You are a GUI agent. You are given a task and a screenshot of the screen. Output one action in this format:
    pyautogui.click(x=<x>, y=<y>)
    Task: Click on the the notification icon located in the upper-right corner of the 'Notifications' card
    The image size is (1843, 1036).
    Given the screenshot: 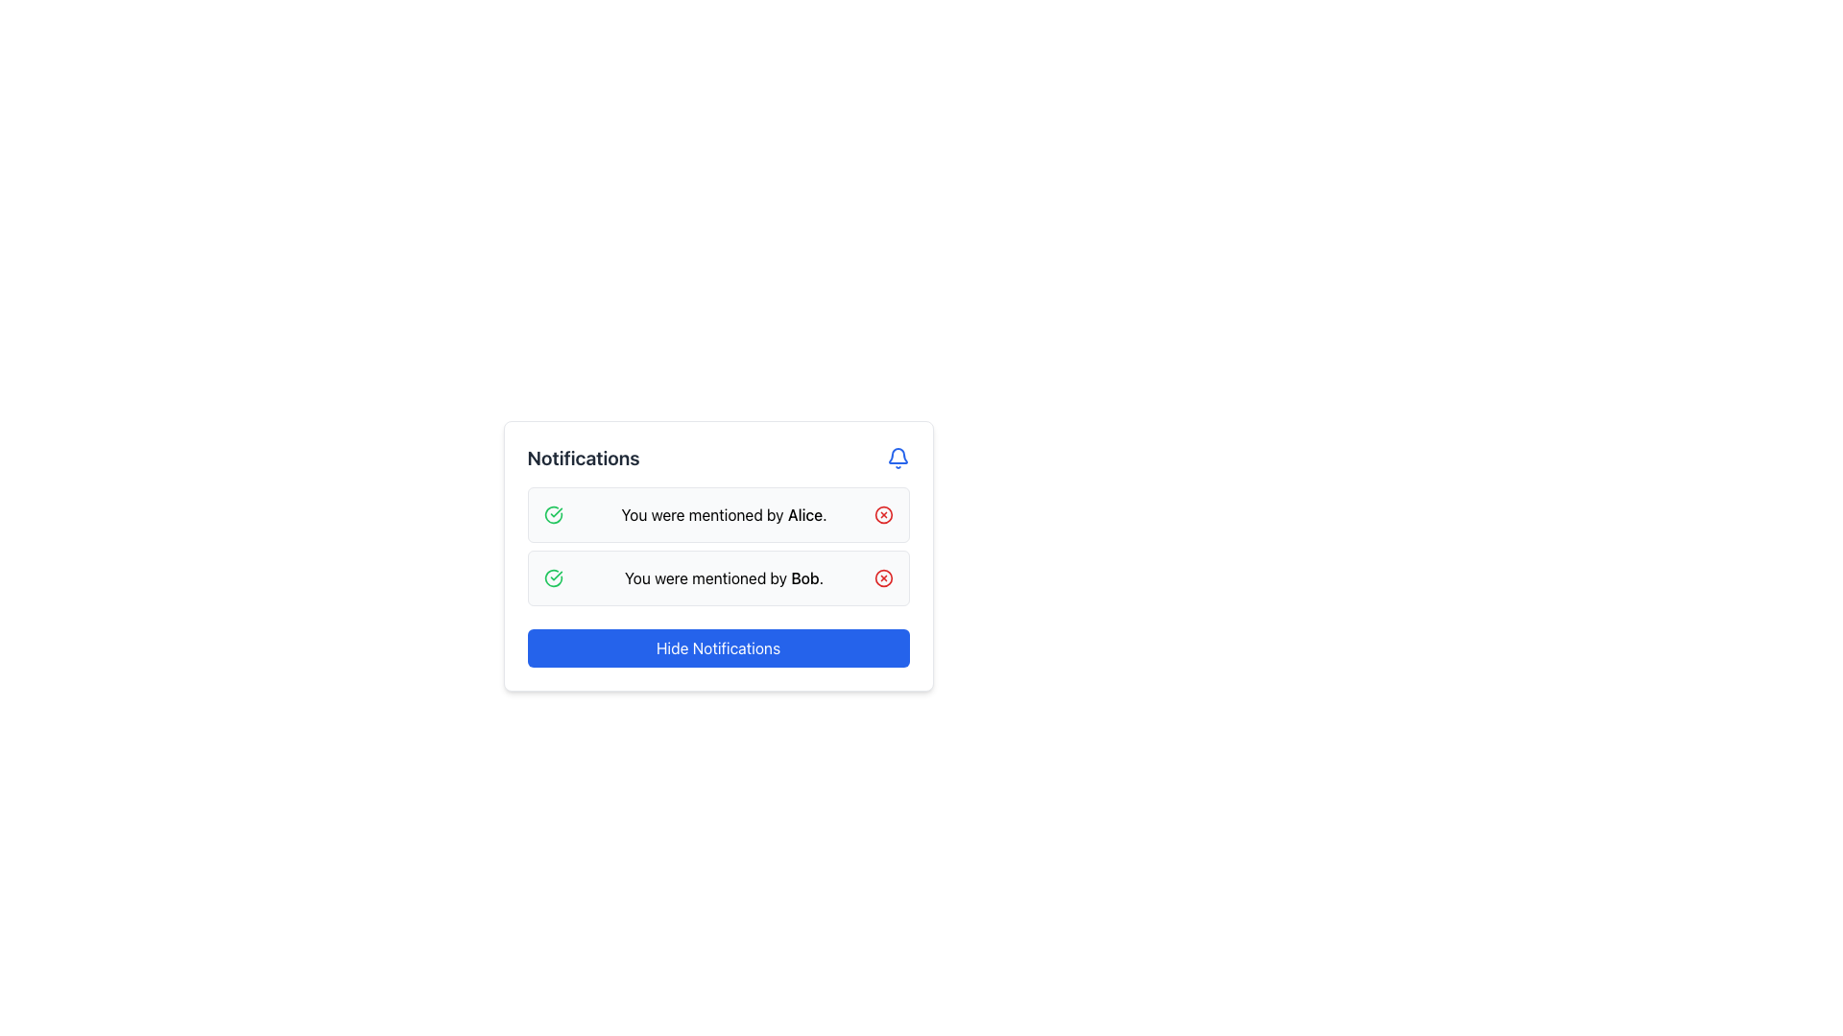 What is the action you would take?
    pyautogui.click(x=897, y=459)
    